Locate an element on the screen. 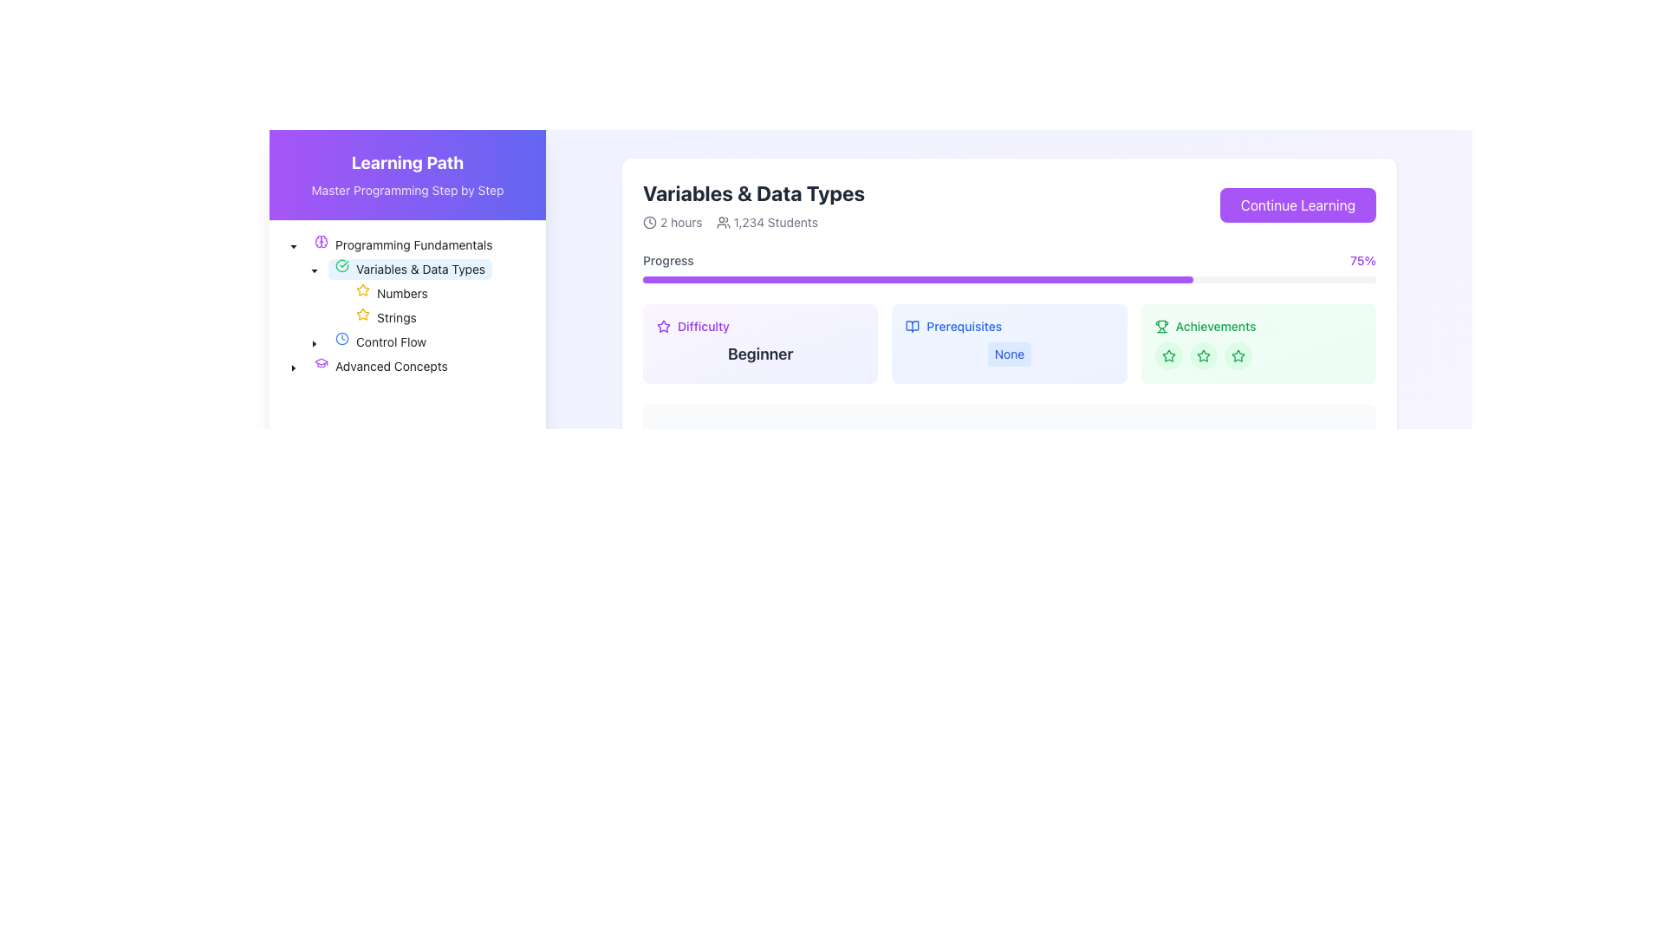 The image size is (1664, 936). the progress bar indicating 75% completion, located in the 'Progress' section of the 'Variables & Data Types' interface is located at coordinates (917, 279).